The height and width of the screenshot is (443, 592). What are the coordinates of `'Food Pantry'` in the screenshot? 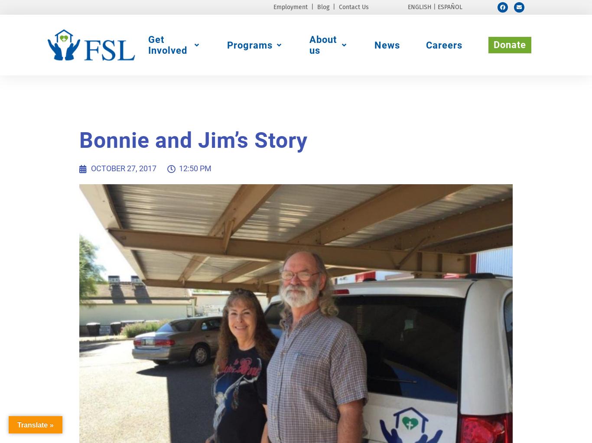 It's located at (185, 106).